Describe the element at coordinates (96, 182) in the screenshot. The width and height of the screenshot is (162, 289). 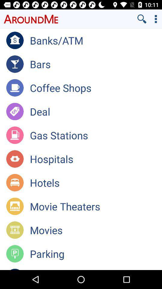
I see `app above the movie theaters item` at that location.